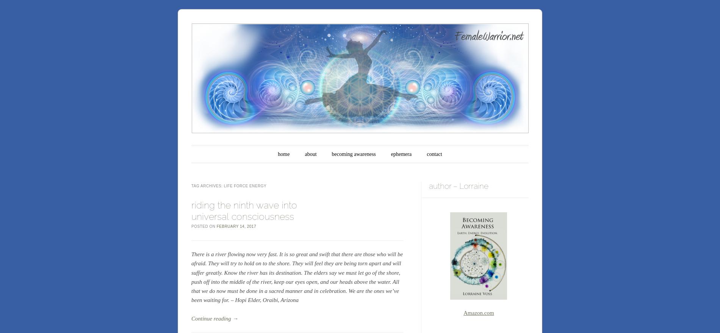 The width and height of the screenshot is (720, 333). I want to click on 'February 14, 2017', so click(216, 226).